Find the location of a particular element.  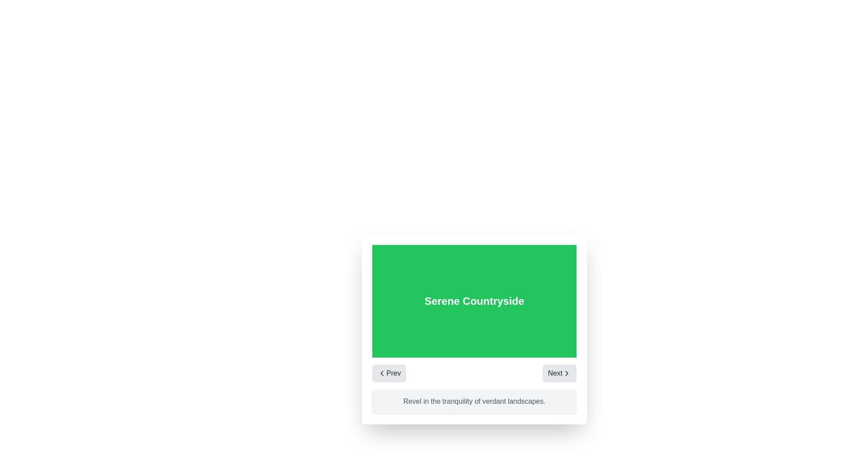

the left-pointing chevron icon inside the 'Prev' button located in the bottom-left corner of the content card is located at coordinates (382, 373).